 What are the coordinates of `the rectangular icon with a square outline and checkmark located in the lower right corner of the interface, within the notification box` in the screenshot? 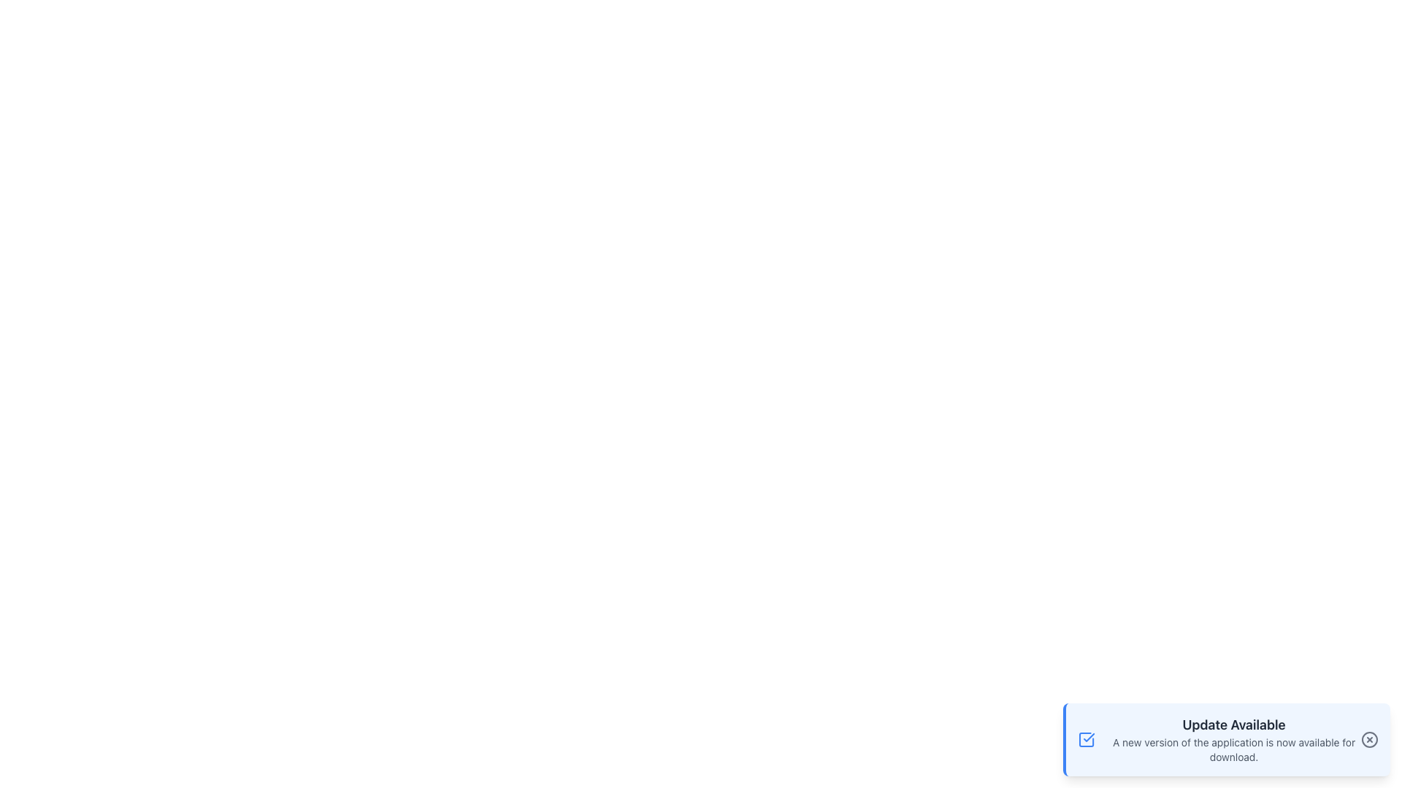 It's located at (1087, 740).